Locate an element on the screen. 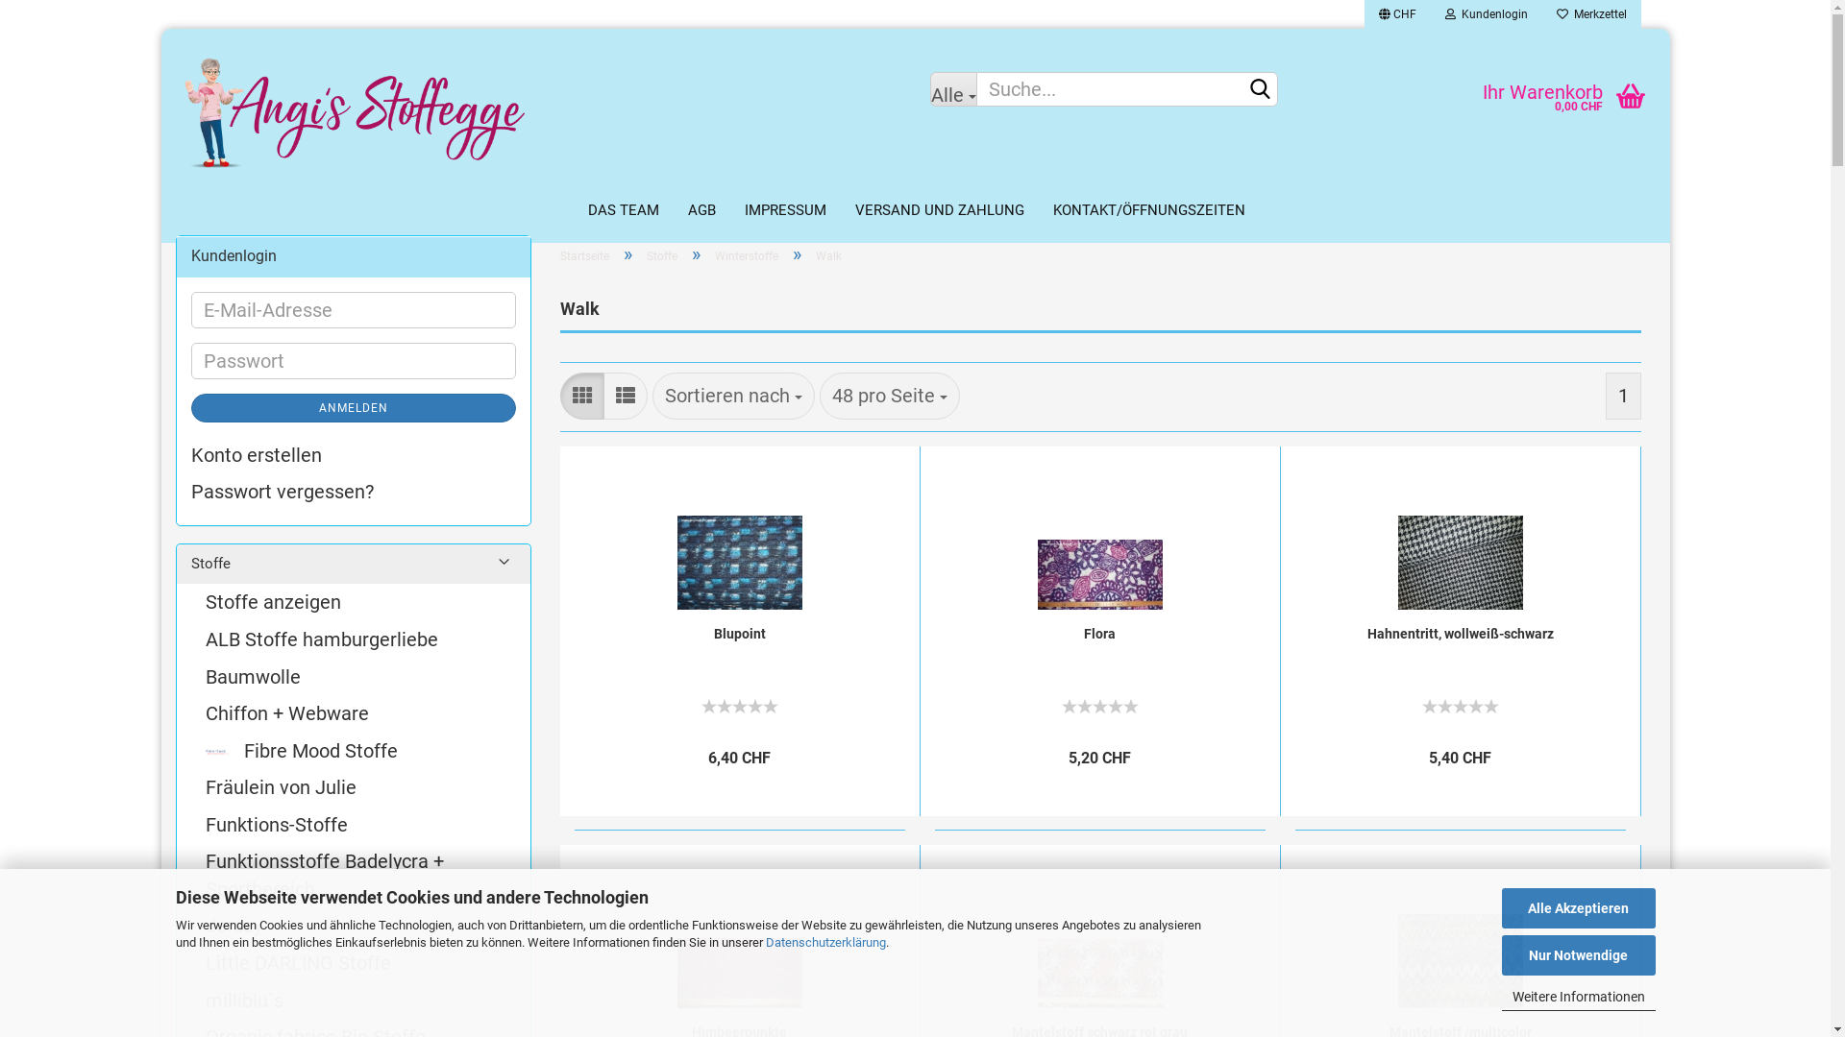 The height and width of the screenshot is (1037, 1845). 'Ihr Warenkorb is located at coordinates (1480, 80).